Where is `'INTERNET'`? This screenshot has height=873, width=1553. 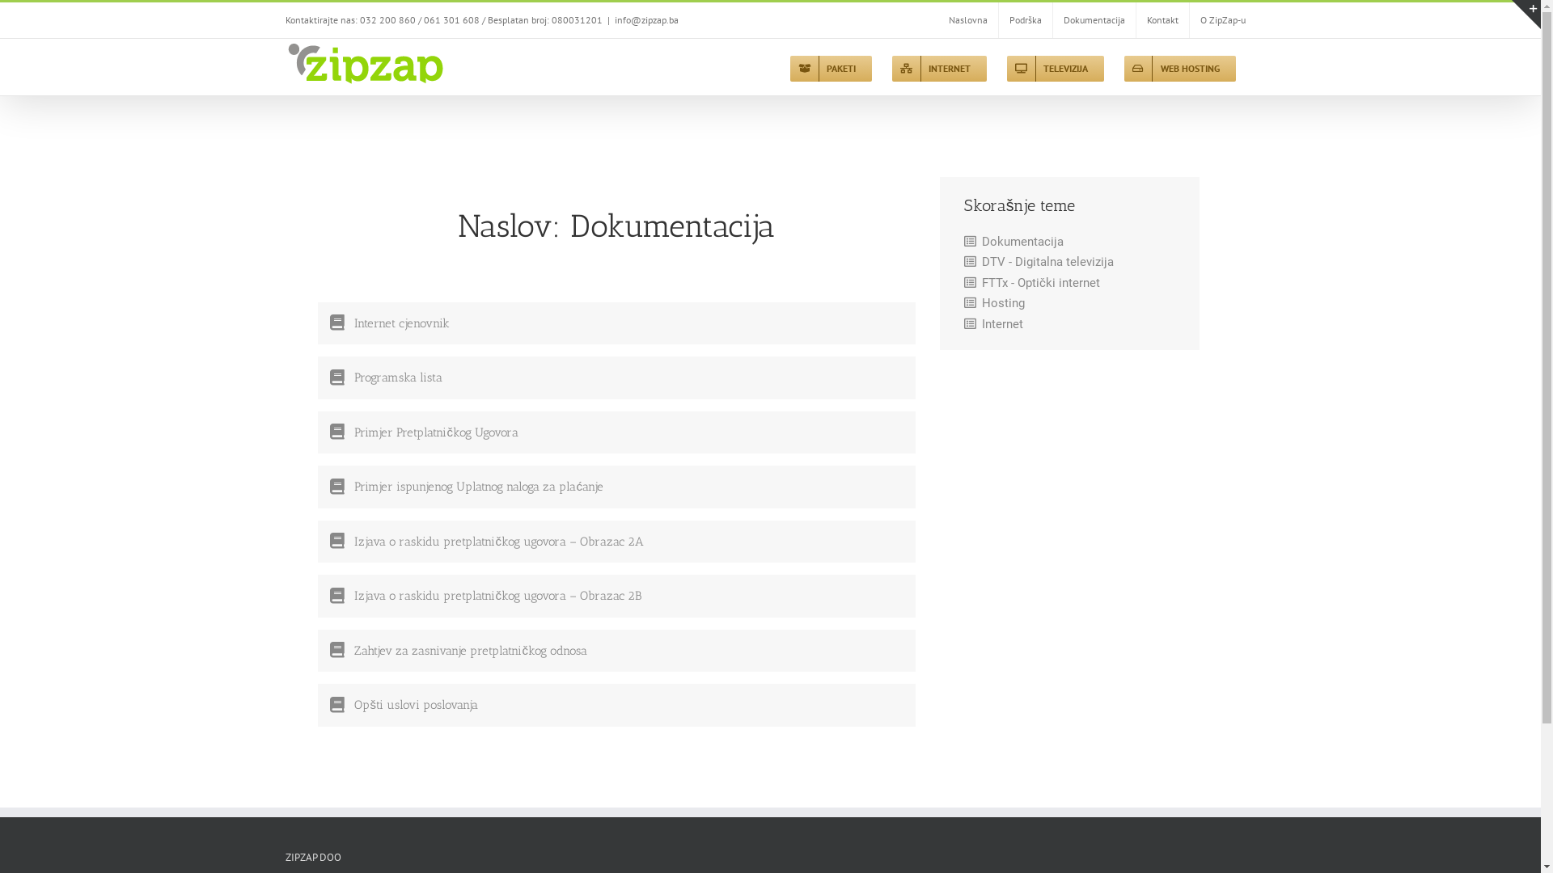
'INTERNET' is located at coordinates (938, 66).